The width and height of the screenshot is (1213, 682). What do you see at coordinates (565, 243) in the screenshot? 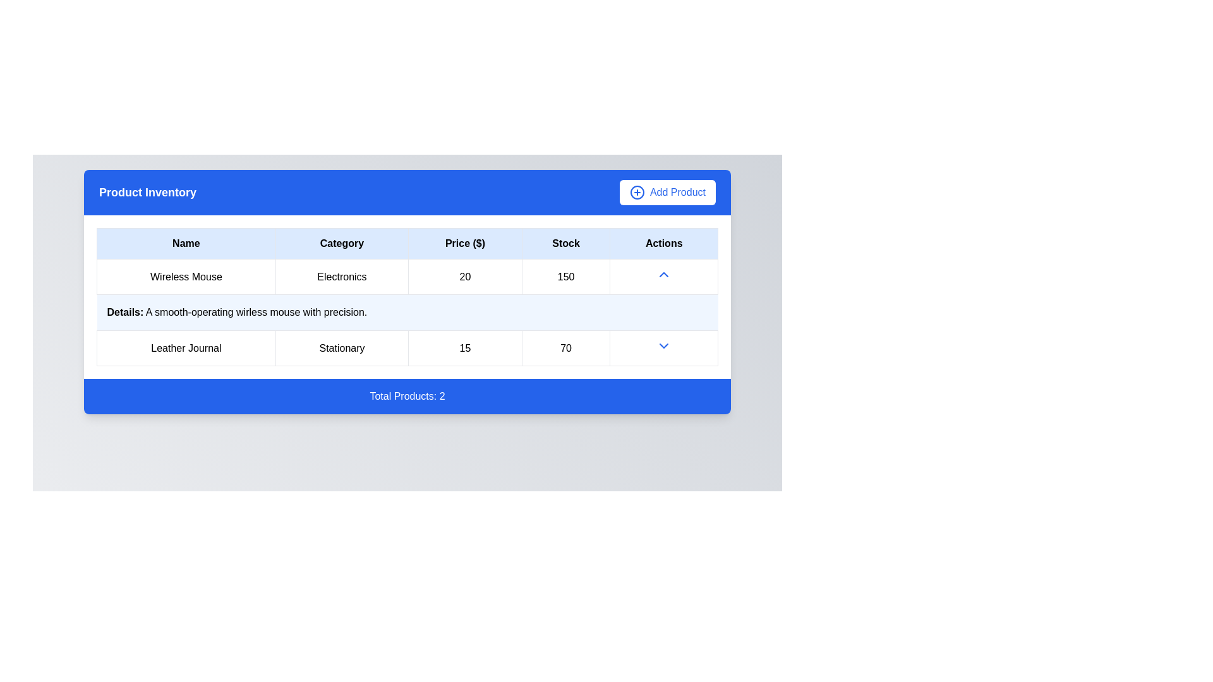
I see `the 'Stock' text label, which is bold and centered within a light blue background in the fourth column of the table header, positioned between 'Price ($)' and 'Actions'` at bounding box center [565, 243].